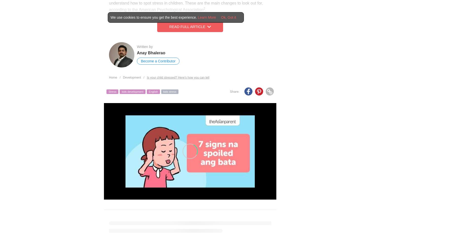  What do you see at coordinates (118, 224) in the screenshot?
I see `'Don’t wait till it is too late to bring in an expert.'` at bounding box center [118, 224].